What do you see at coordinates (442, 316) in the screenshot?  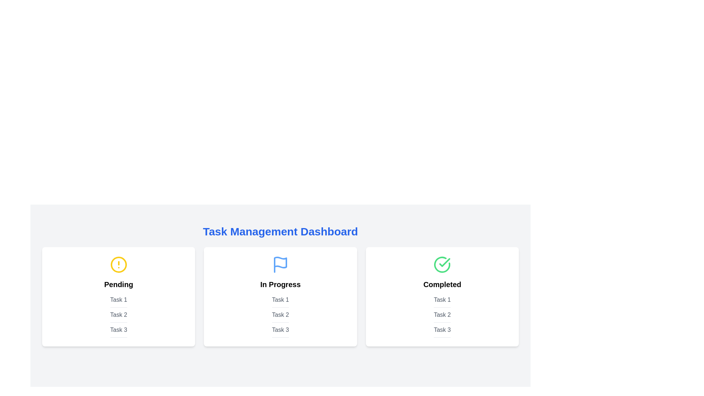 I see `the 'Task 2' label within the 'Completed' category` at bounding box center [442, 316].